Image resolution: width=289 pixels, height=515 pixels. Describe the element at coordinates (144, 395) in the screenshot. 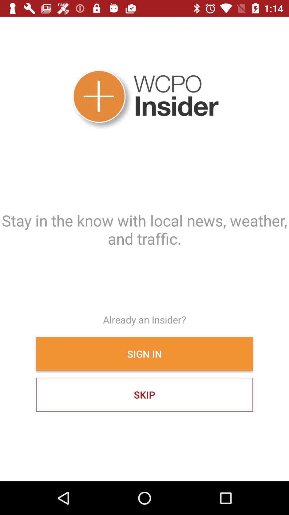

I see `skip item` at that location.